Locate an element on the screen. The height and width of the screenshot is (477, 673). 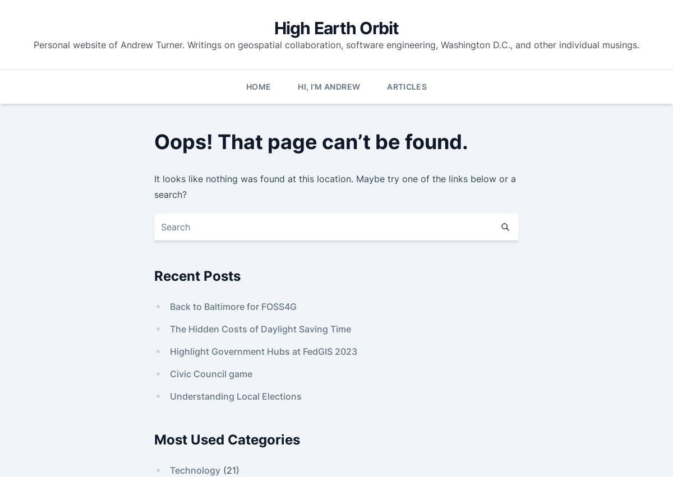
'High Earth Orbit' is located at coordinates (273, 28).